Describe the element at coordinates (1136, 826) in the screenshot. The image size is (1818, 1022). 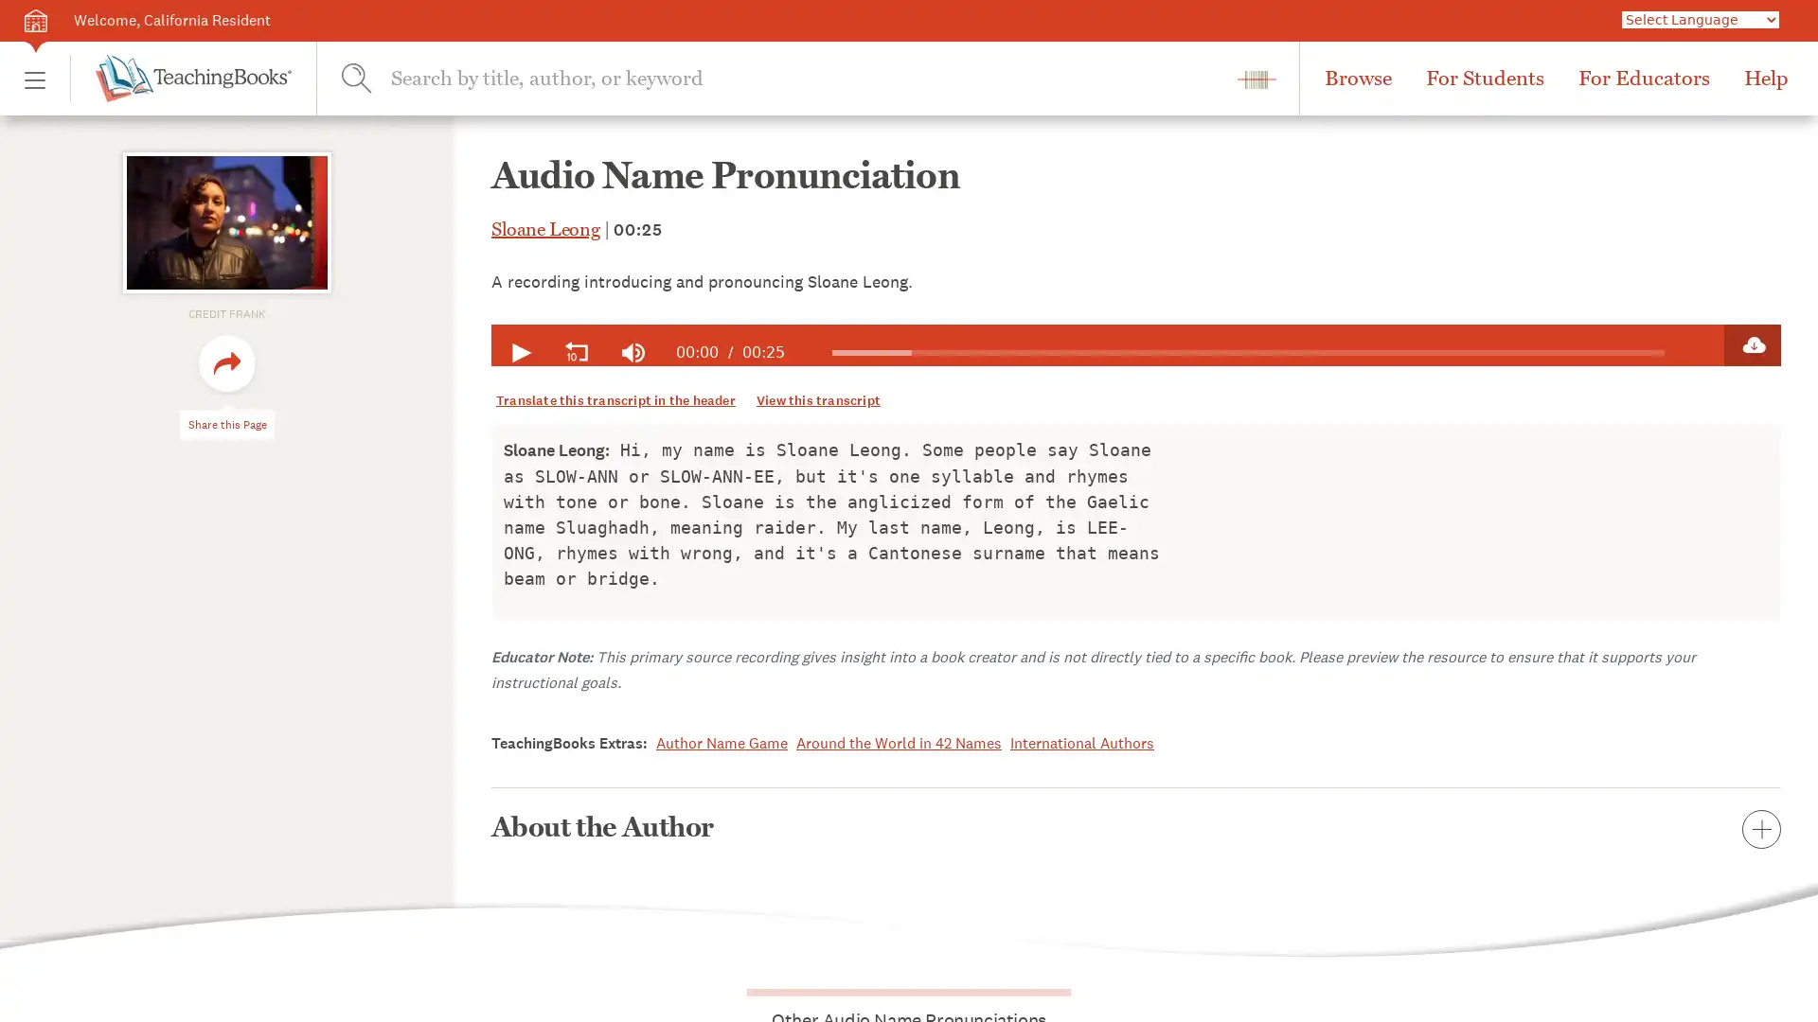
I see `About the Author` at that location.